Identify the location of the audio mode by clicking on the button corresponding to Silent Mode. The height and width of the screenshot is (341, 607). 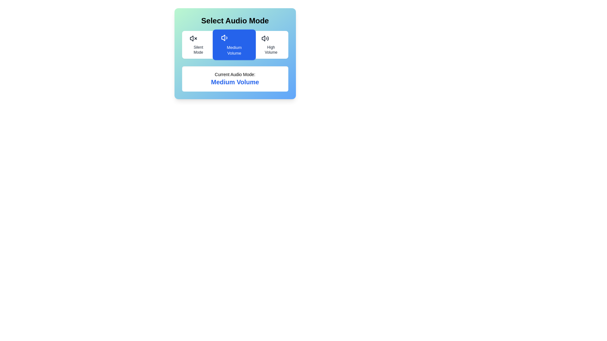
(198, 45).